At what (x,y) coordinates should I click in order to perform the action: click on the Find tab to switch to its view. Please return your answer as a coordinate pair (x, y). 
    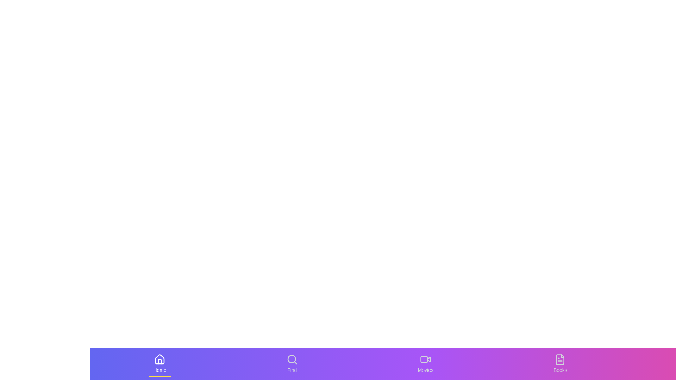
    Looking at the image, I should click on (292, 364).